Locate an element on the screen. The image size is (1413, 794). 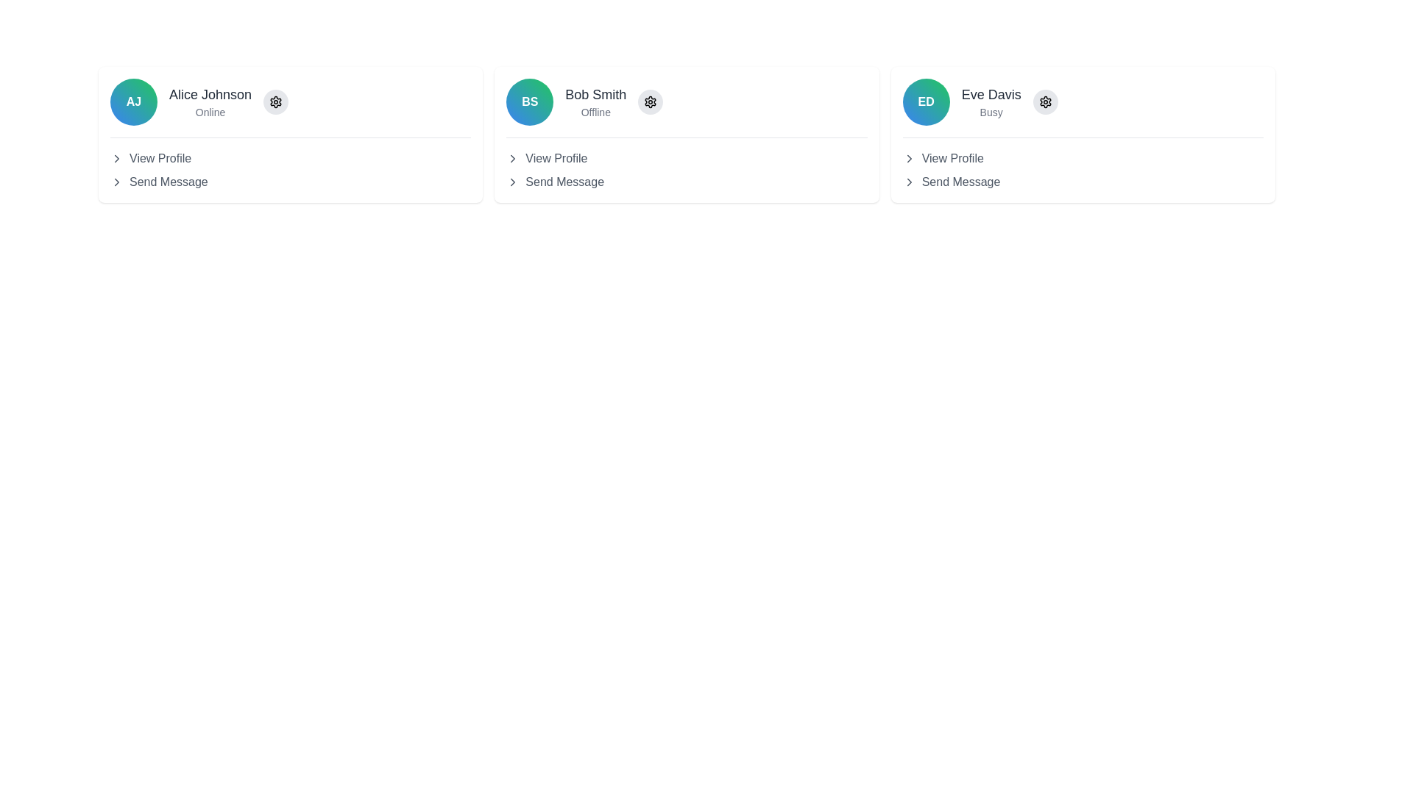
the 'Send Message' text link located below the 'View Profile' option in the profile card for 'Bob Smith' is located at coordinates (564, 181).